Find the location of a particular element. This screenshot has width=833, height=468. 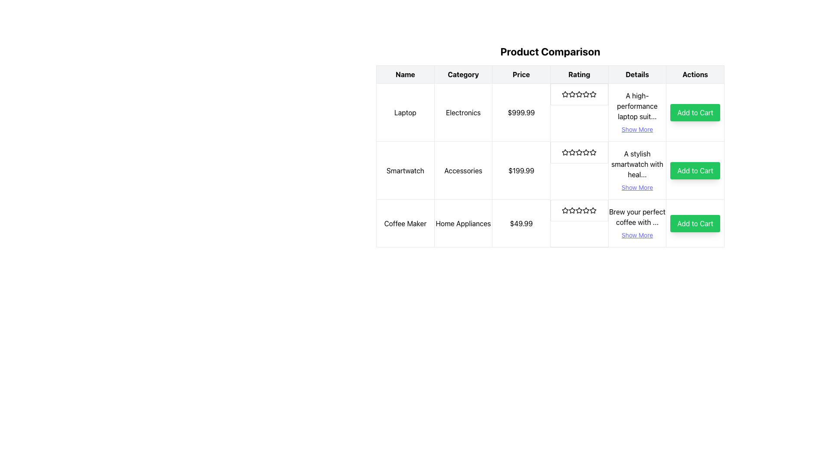

the 'Show More' clickable link located under the 'Brew your perfect coffee with ...' description in the 'Details' column of the Coffee Maker entry is located at coordinates (637, 235).